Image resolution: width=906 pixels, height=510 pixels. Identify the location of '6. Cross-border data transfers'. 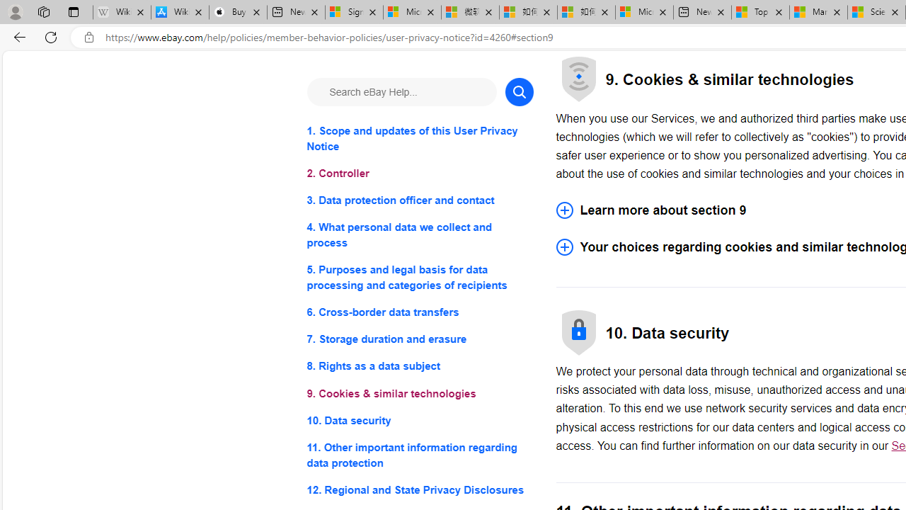
(419, 312).